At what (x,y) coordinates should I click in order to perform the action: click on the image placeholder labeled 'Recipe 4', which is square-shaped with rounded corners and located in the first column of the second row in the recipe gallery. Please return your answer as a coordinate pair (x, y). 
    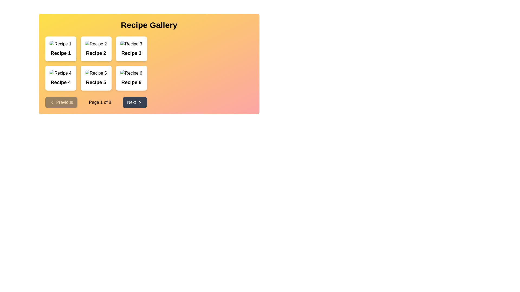
    Looking at the image, I should click on (61, 73).